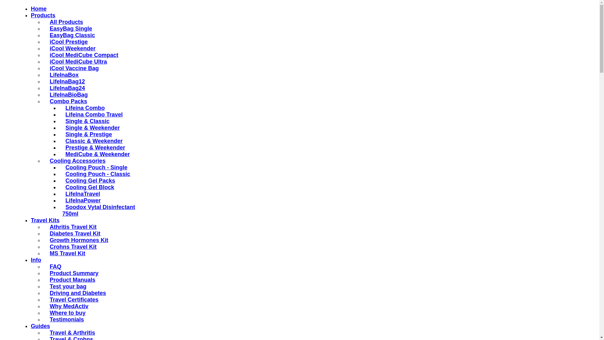 Image resolution: width=604 pixels, height=340 pixels. I want to click on 'Travel Certificates', so click(46, 299).